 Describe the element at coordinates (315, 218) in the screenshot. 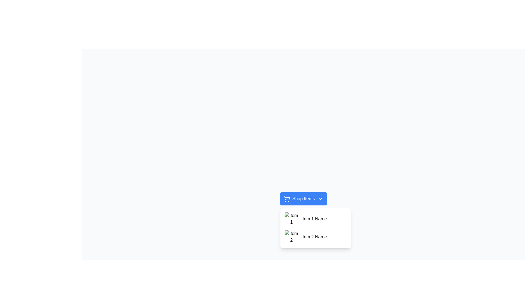

I see `the first List Item in the shopping menu` at that location.